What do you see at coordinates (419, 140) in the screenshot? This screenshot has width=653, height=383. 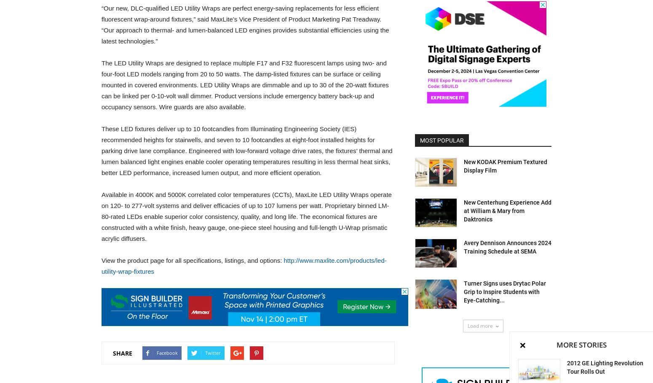 I see `'MOST POPULAR'` at bounding box center [419, 140].